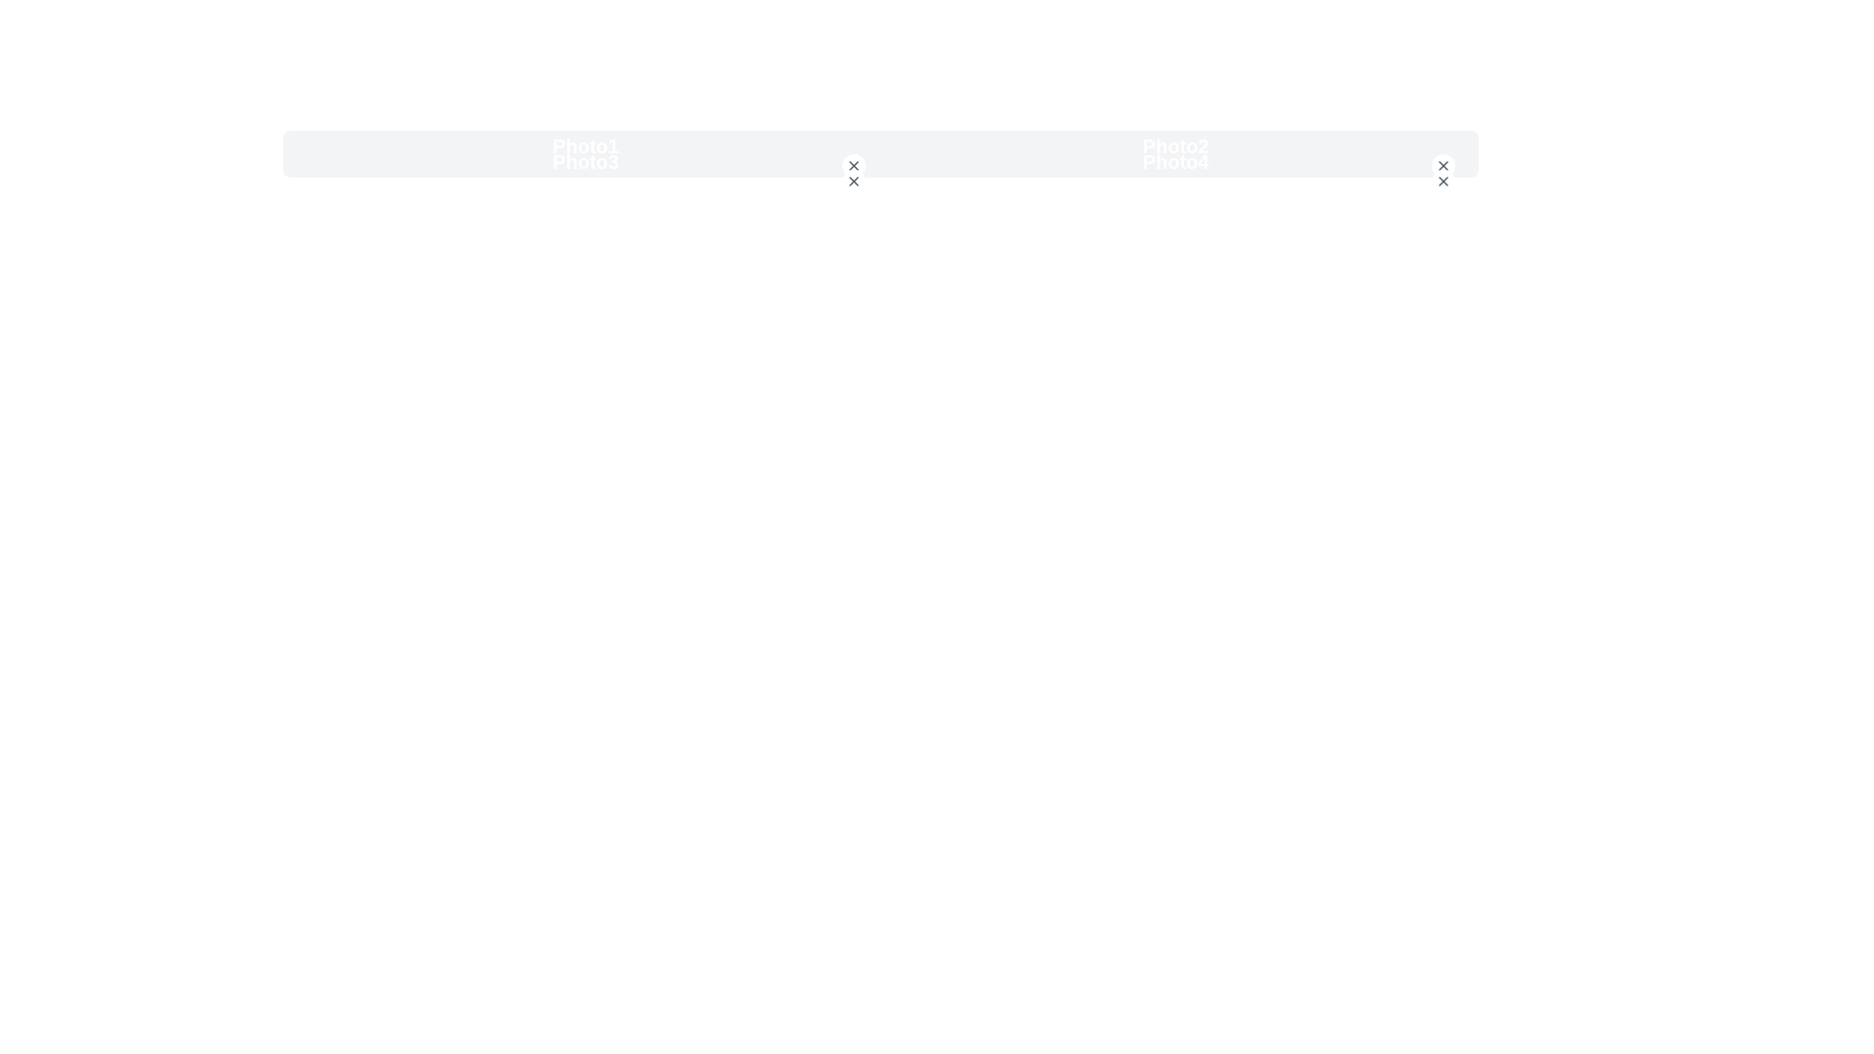 The image size is (1874, 1054). What do you see at coordinates (1443, 181) in the screenshot?
I see `the close icon located within the circular button in the top-right quadrant of the interface, near the 'Photo2 Photo4' list item` at bounding box center [1443, 181].